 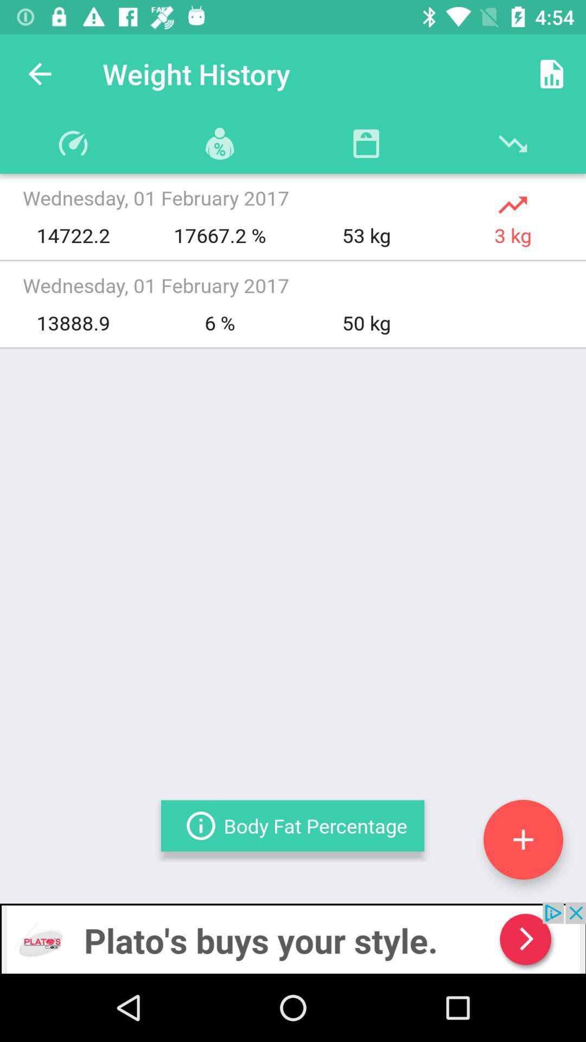 What do you see at coordinates (523, 839) in the screenshot?
I see `another entry` at bounding box center [523, 839].